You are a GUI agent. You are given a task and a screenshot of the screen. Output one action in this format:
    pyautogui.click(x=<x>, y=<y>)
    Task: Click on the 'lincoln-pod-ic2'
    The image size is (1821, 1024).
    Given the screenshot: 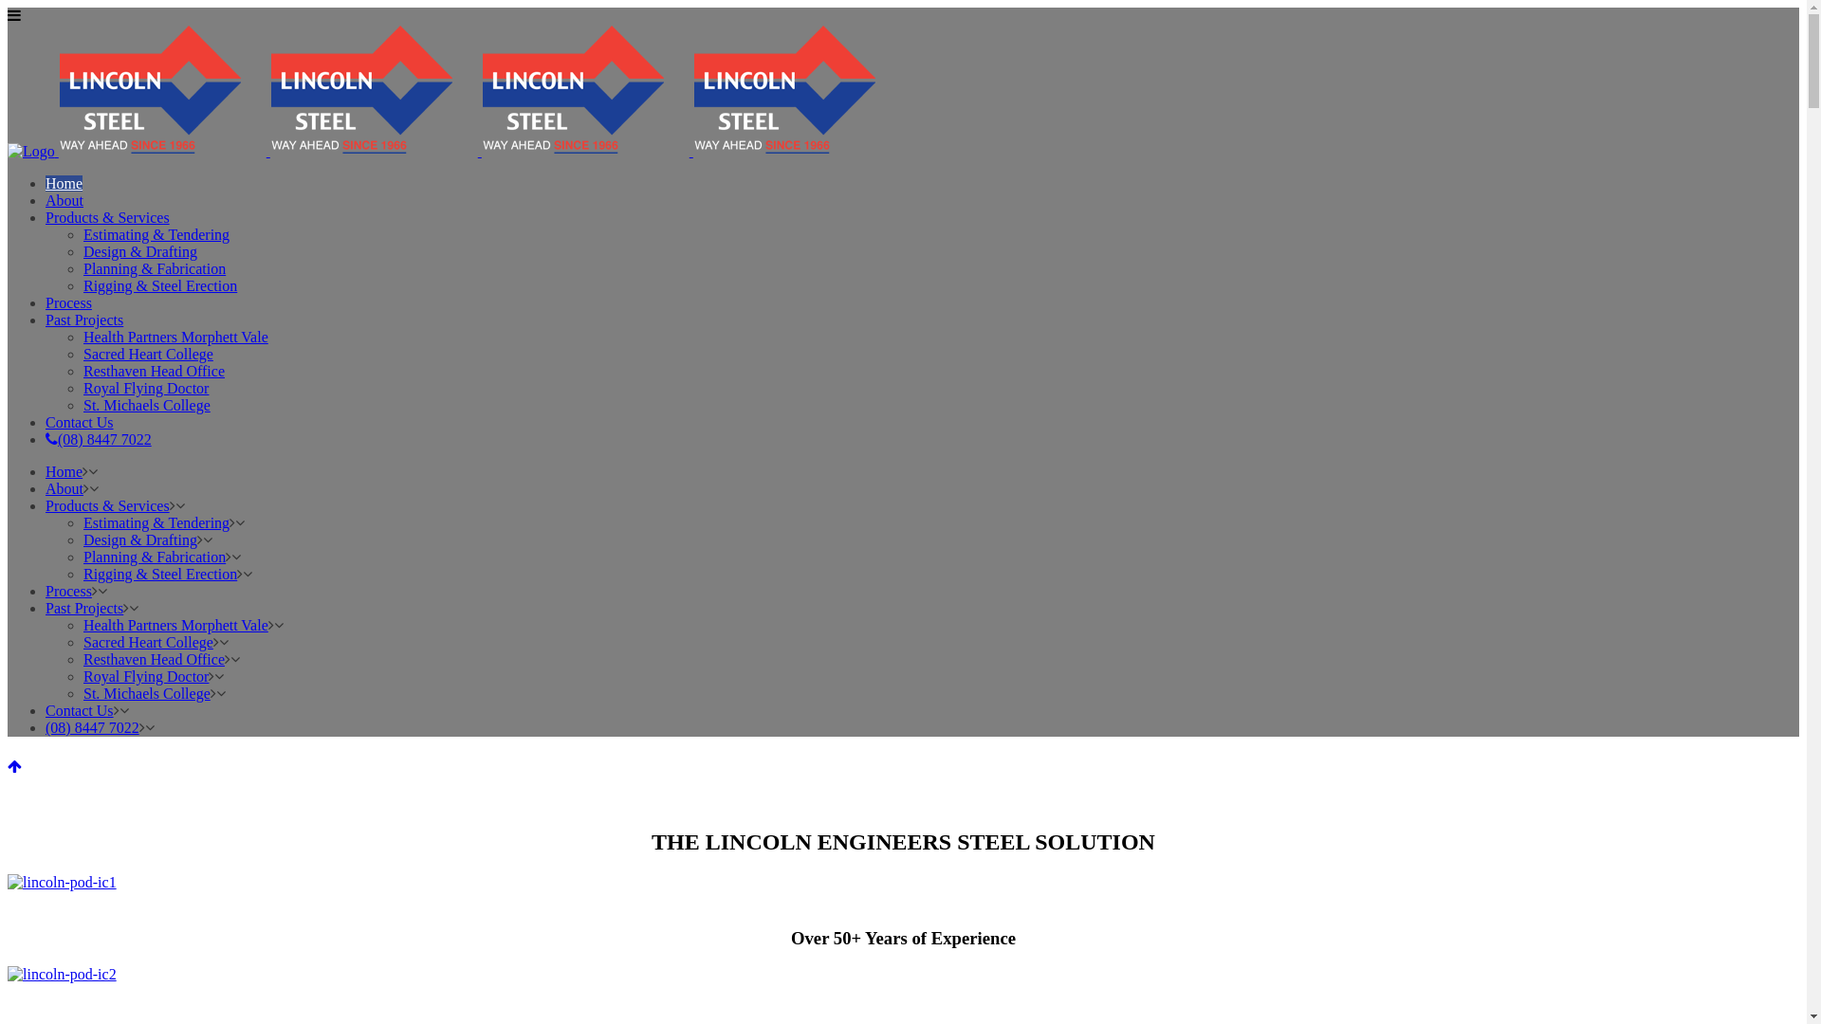 What is the action you would take?
    pyautogui.click(x=62, y=975)
    